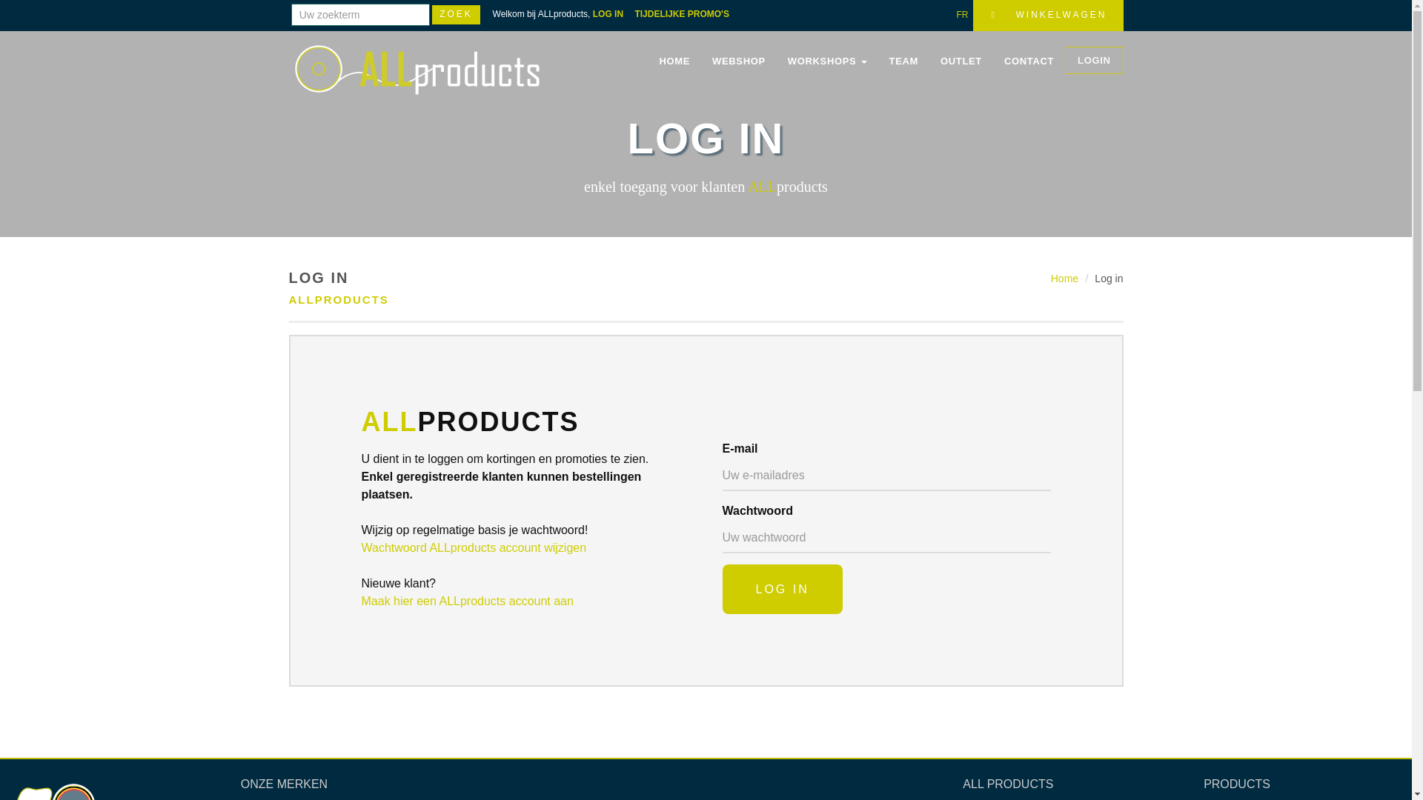 This screenshot has height=800, width=1423. I want to click on 'LOG IN', so click(722, 588).